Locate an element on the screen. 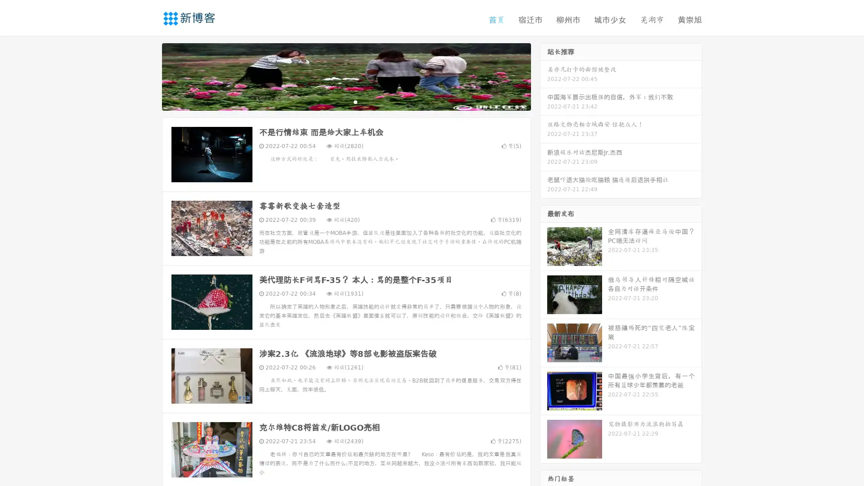 This screenshot has width=864, height=486. Go to slide 3 is located at coordinates (355, 101).